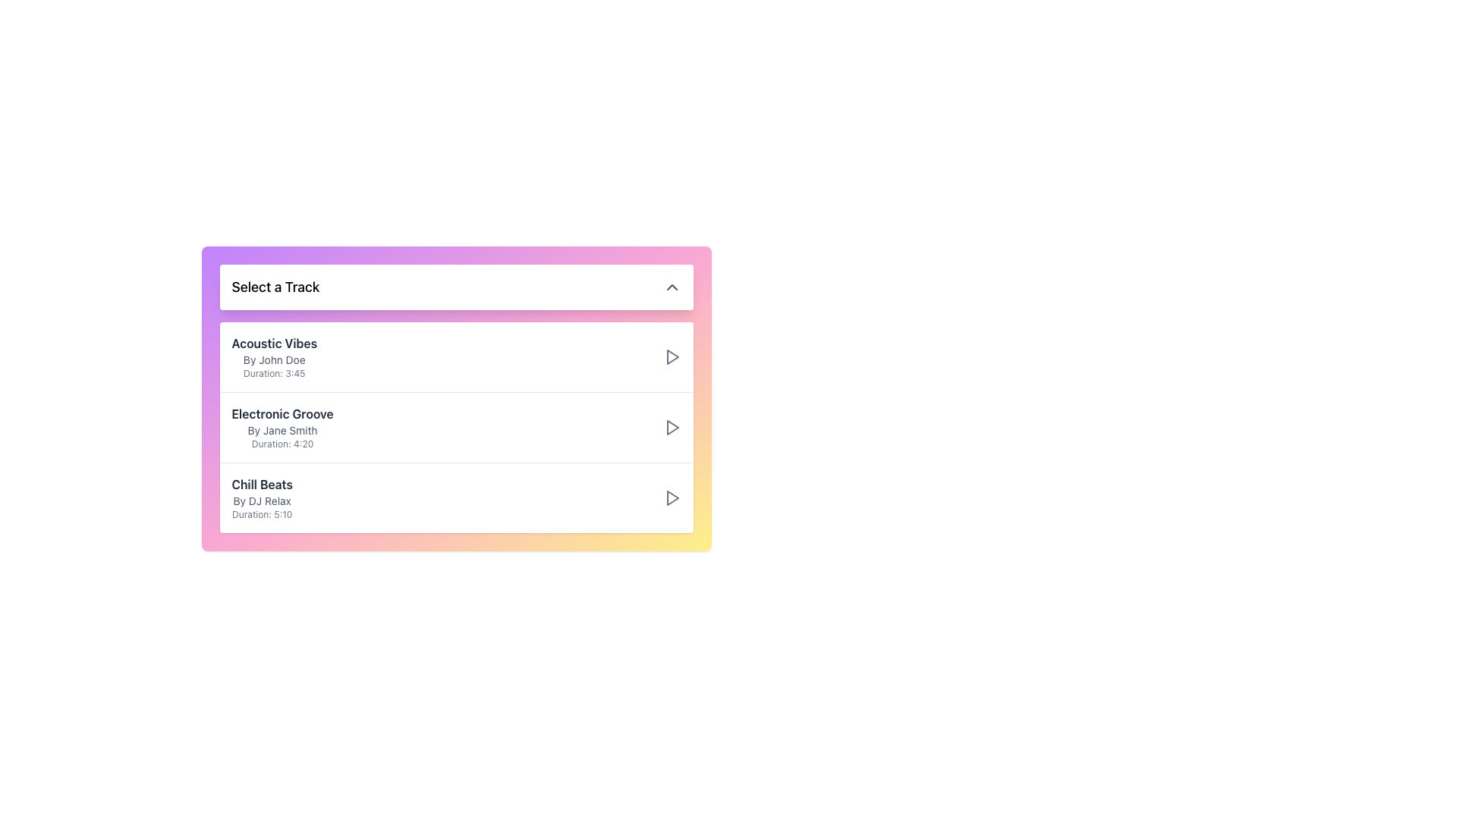 Image resolution: width=1457 pixels, height=819 pixels. What do you see at coordinates (455, 287) in the screenshot?
I see `the Dropdown Trigger/Button labeled 'Select a Track' by tabbing into it` at bounding box center [455, 287].